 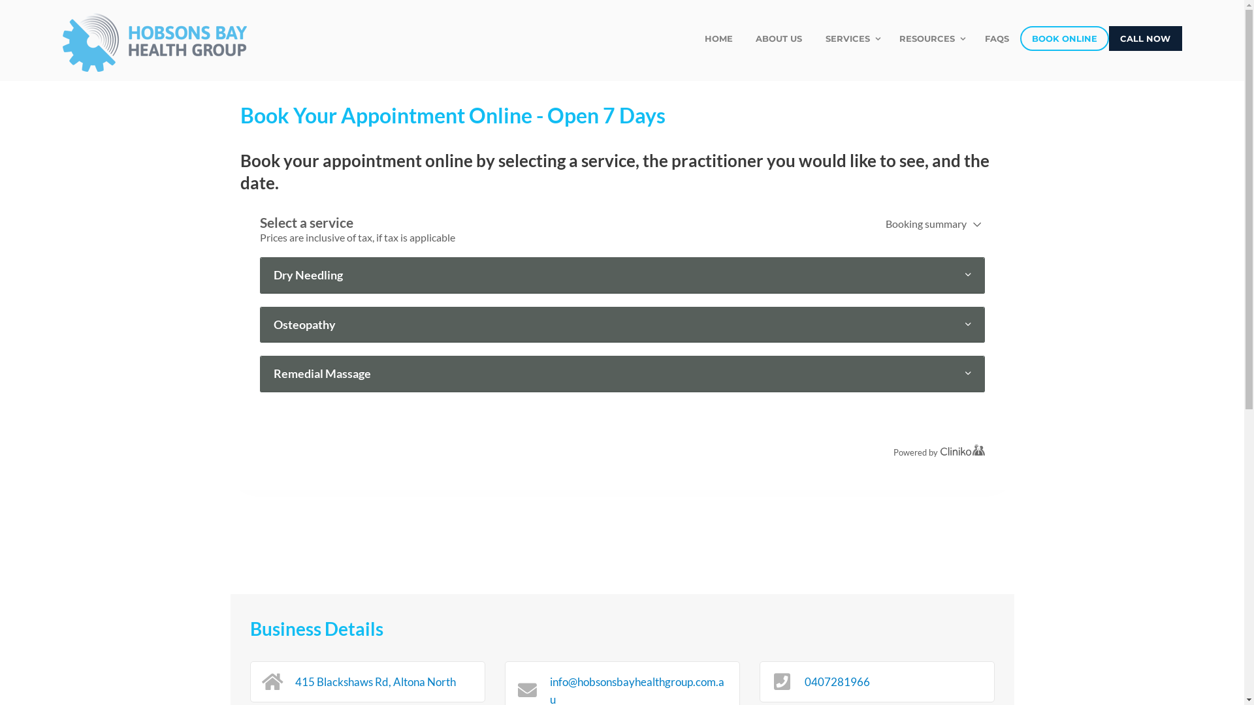 I want to click on 'FAQS', so click(x=996, y=37).